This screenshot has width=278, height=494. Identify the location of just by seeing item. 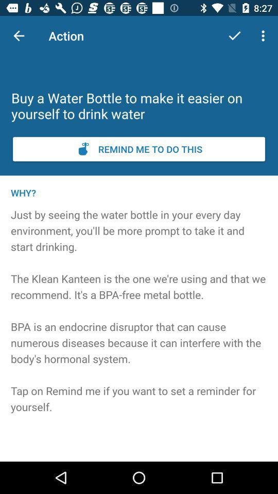
(139, 324).